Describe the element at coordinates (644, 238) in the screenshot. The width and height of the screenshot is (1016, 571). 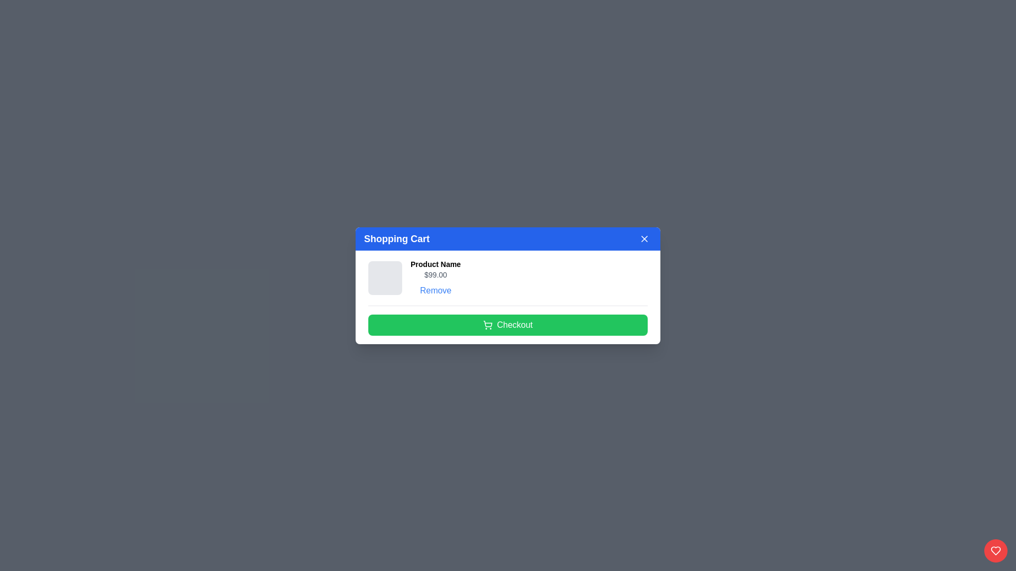
I see `the circular blue button with a white 'X' icon` at that location.